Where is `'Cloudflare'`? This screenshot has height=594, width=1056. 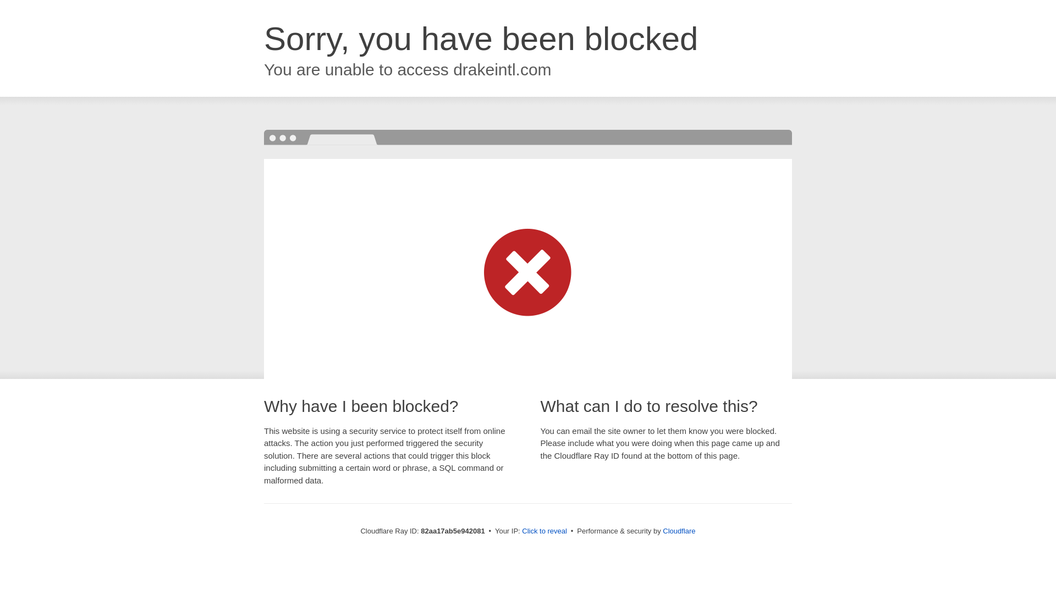
'Cloudflare' is located at coordinates (678, 530).